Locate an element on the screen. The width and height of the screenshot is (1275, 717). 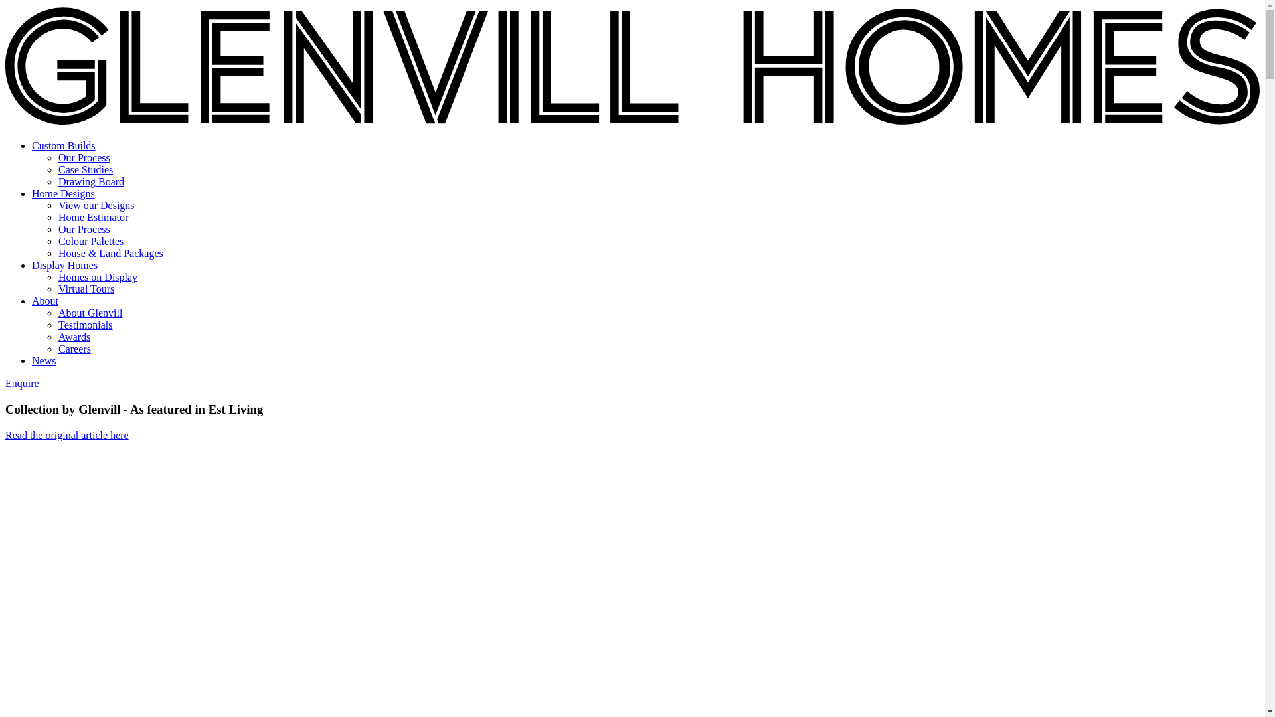
'Careers' is located at coordinates (74, 348).